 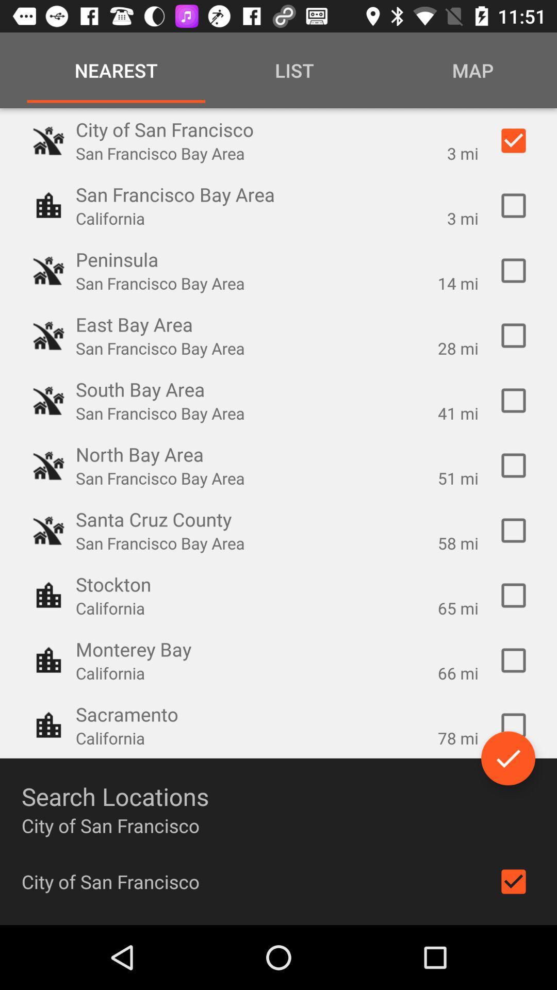 I want to click on confirm north bay option, so click(x=513, y=465).